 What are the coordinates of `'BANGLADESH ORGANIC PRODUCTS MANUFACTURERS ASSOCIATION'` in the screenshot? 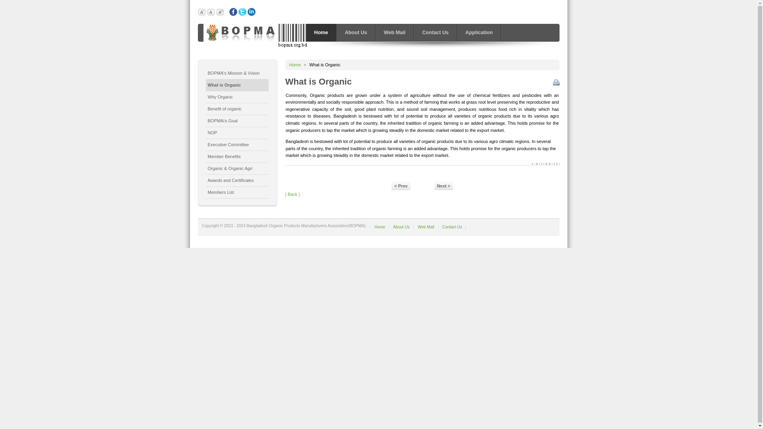 It's located at (236, 32).